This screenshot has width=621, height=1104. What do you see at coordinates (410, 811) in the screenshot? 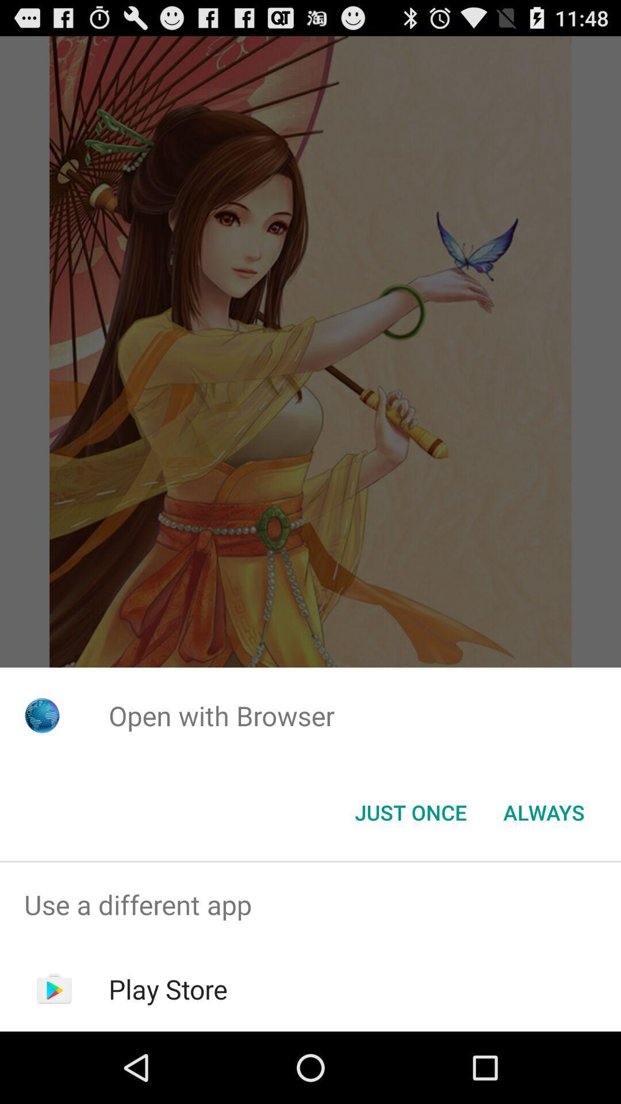
I see `the just once item` at bounding box center [410, 811].